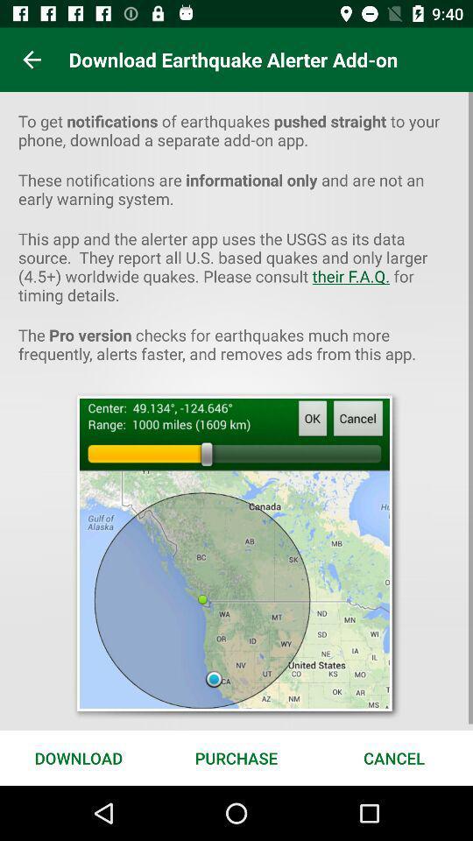 This screenshot has width=473, height=841. Describe the element at coordinates (32, 60) in the screenshot. I see `the item above the to get notifications` at that location.